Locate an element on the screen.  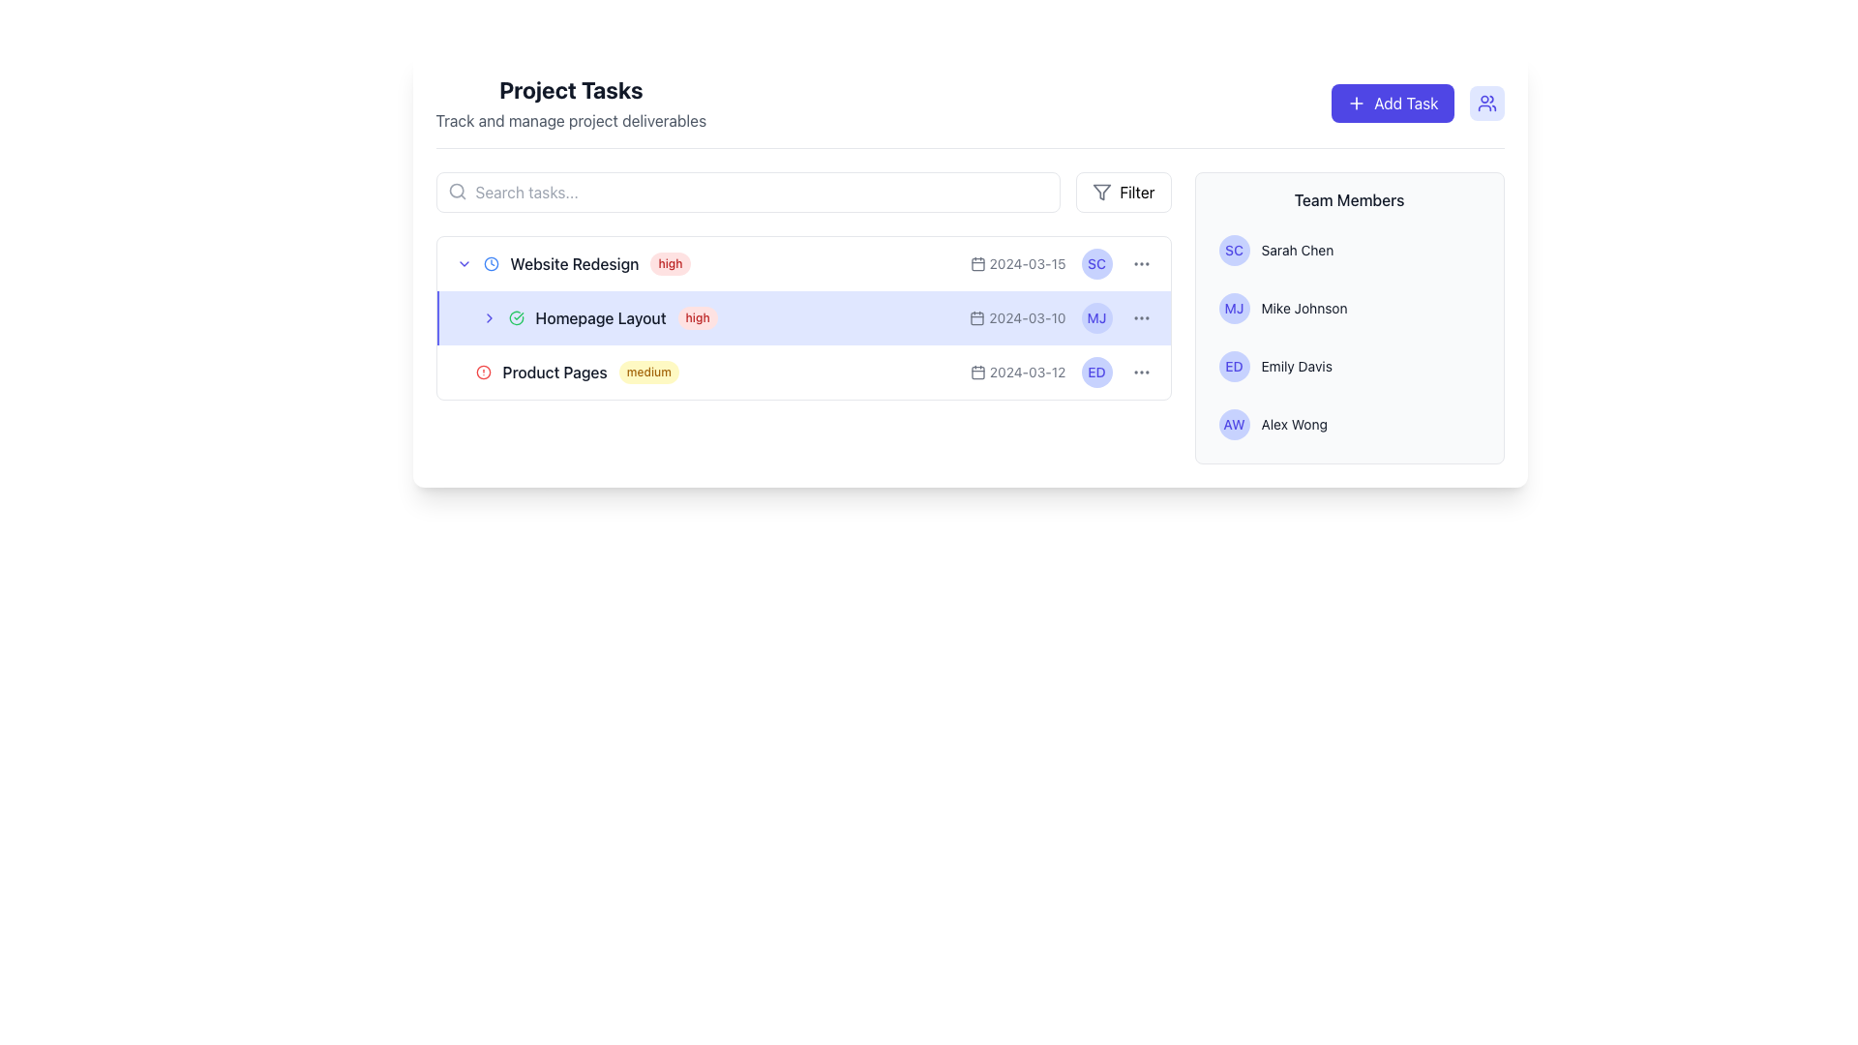
the circular blue analog clock icon located within the task row labeled 'Website Redesign', positioned to the left of the text 'high' is located at coordinates (491, 264).